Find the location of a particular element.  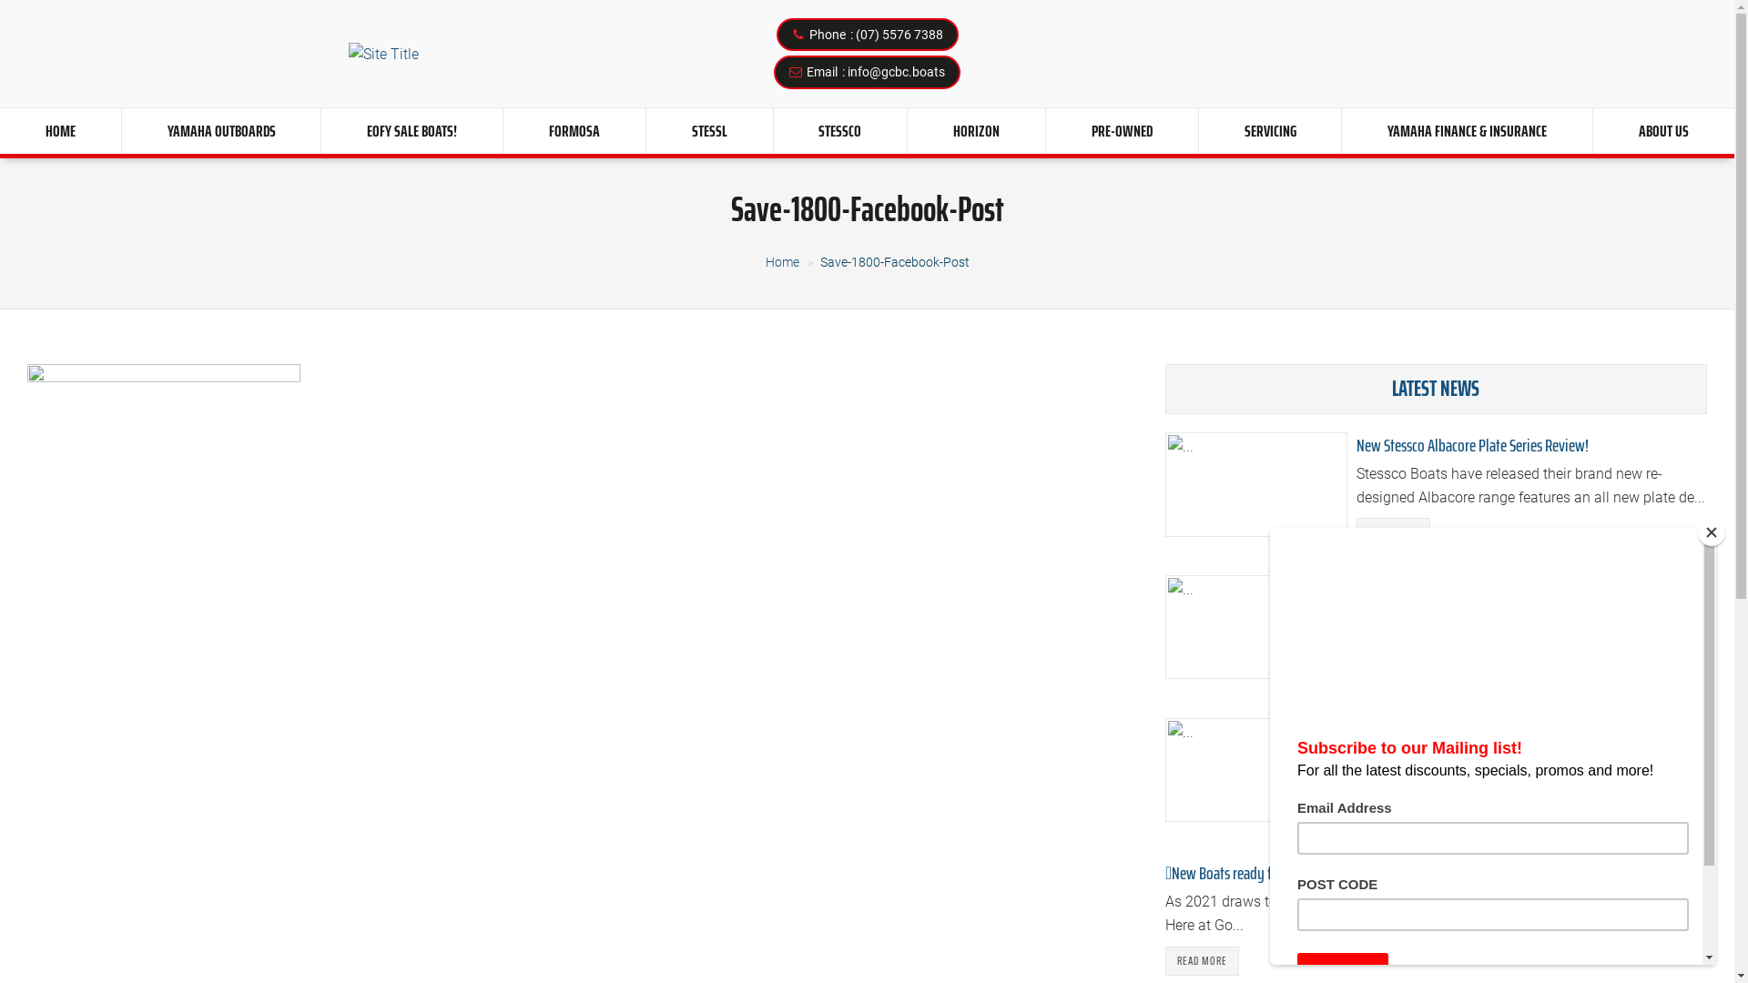

'(07) 5576 7388' is located at coordinates (855, 35).